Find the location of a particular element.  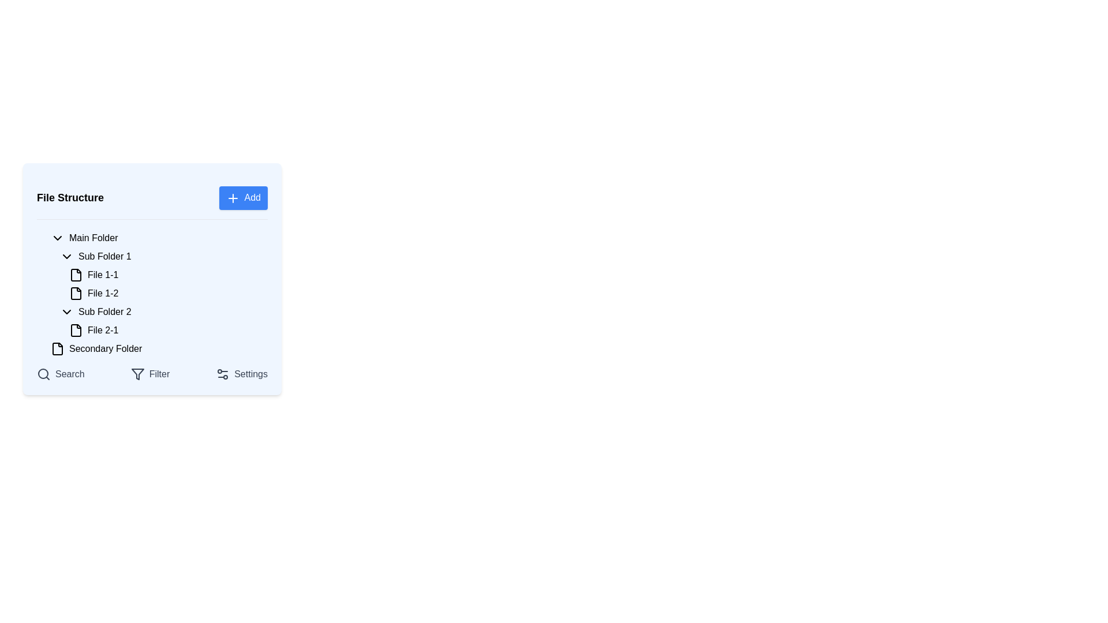

the 'Search' button, which features a magnifying glass icon and is the leftmost control in the bottom section of the sidebar for file structure navigation is located at coordinates (60, 374).